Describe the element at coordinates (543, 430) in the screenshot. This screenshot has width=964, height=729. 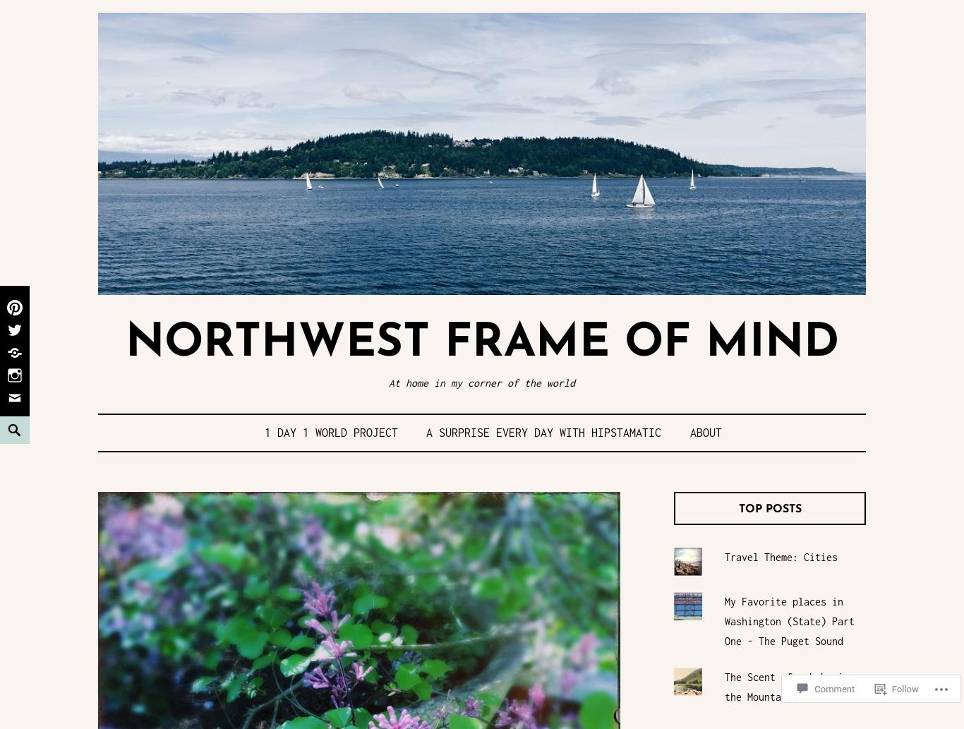
I see `'A Surprise Every Day with Hipstamatic'` at that location.